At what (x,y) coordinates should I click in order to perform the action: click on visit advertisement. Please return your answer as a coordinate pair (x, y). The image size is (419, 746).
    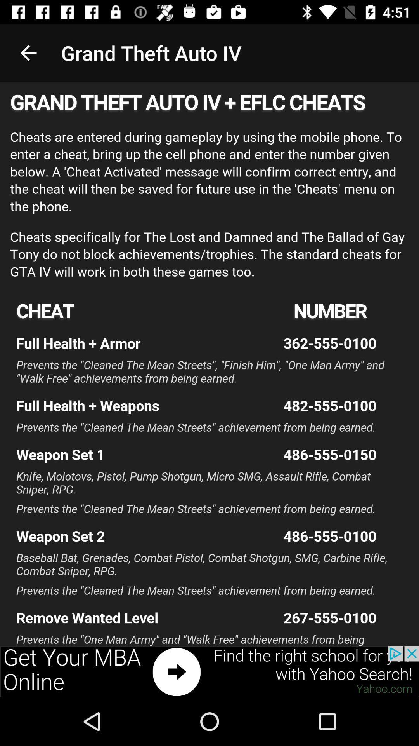
    Looking at the image, I should click on (209, 671).